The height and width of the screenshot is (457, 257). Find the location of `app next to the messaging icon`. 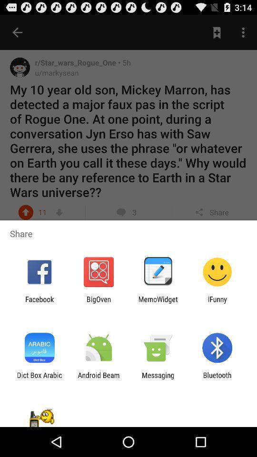

app next to the messaging icon is located at coordinates (98, 379).